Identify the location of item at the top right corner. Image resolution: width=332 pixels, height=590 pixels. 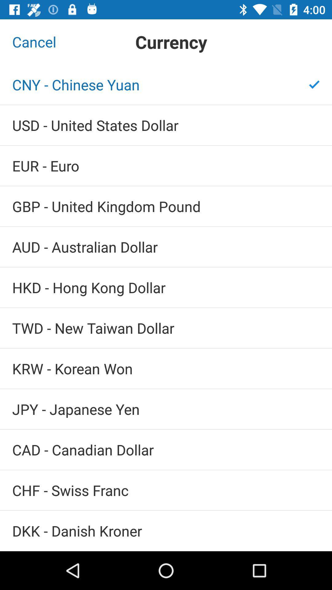
(314, 84).